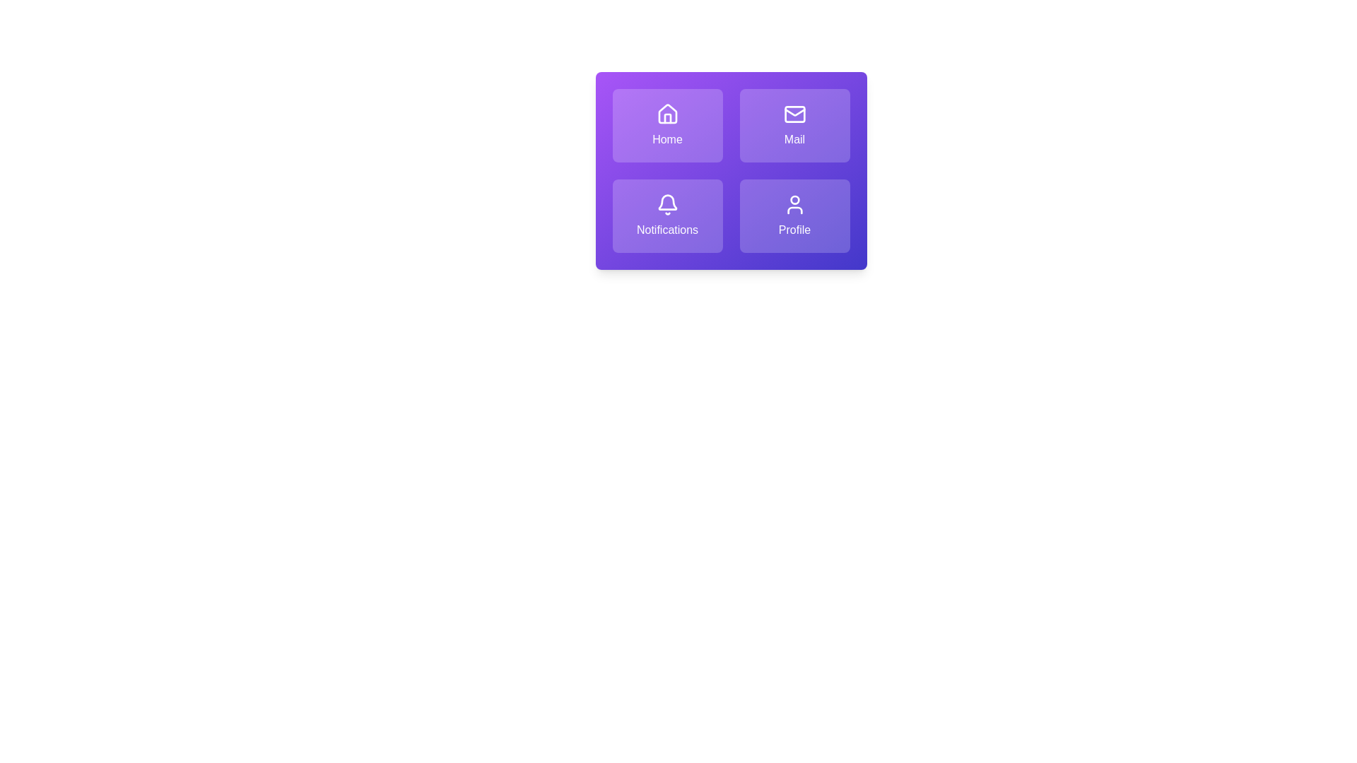  What do you see at coordinates (666, 215) in the screenshot?
I see `the tile labeled Notifications to activate its action` at bounding box center [666, 215].